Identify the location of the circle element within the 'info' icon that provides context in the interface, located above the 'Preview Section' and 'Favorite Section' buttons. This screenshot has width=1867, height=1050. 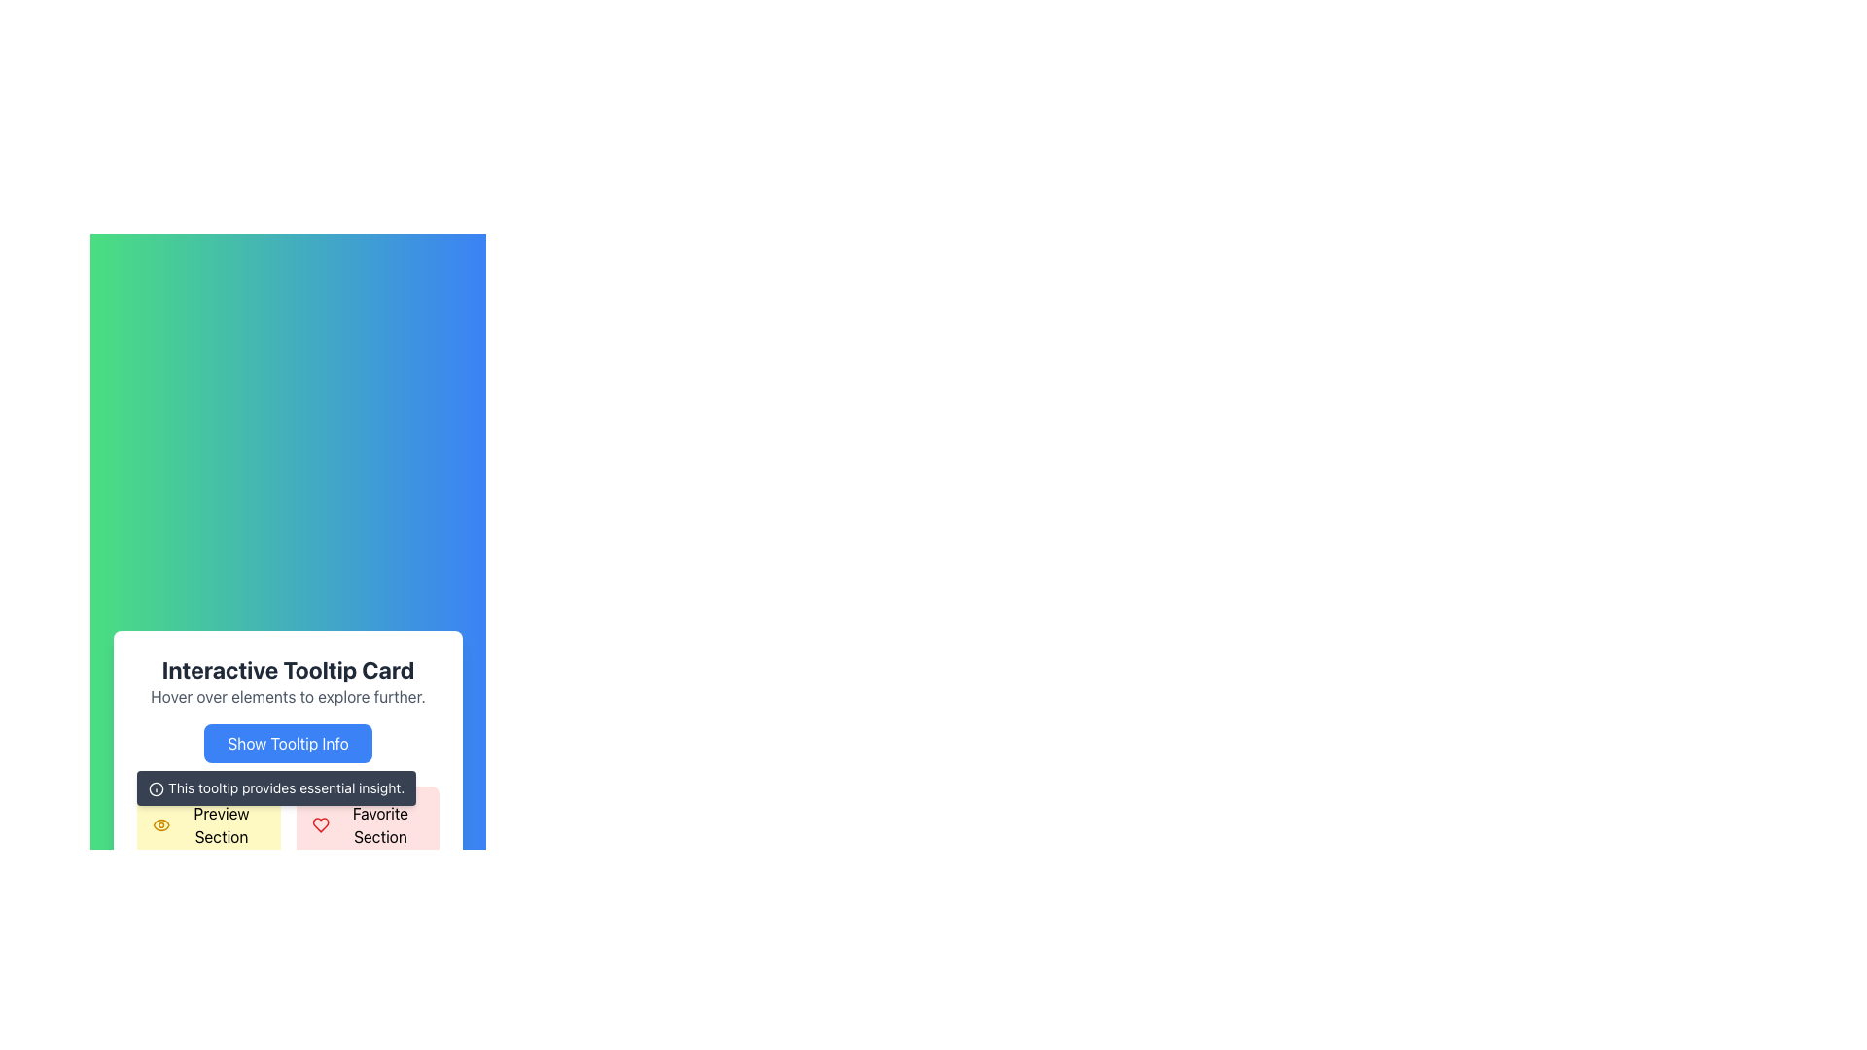
(157, 789).